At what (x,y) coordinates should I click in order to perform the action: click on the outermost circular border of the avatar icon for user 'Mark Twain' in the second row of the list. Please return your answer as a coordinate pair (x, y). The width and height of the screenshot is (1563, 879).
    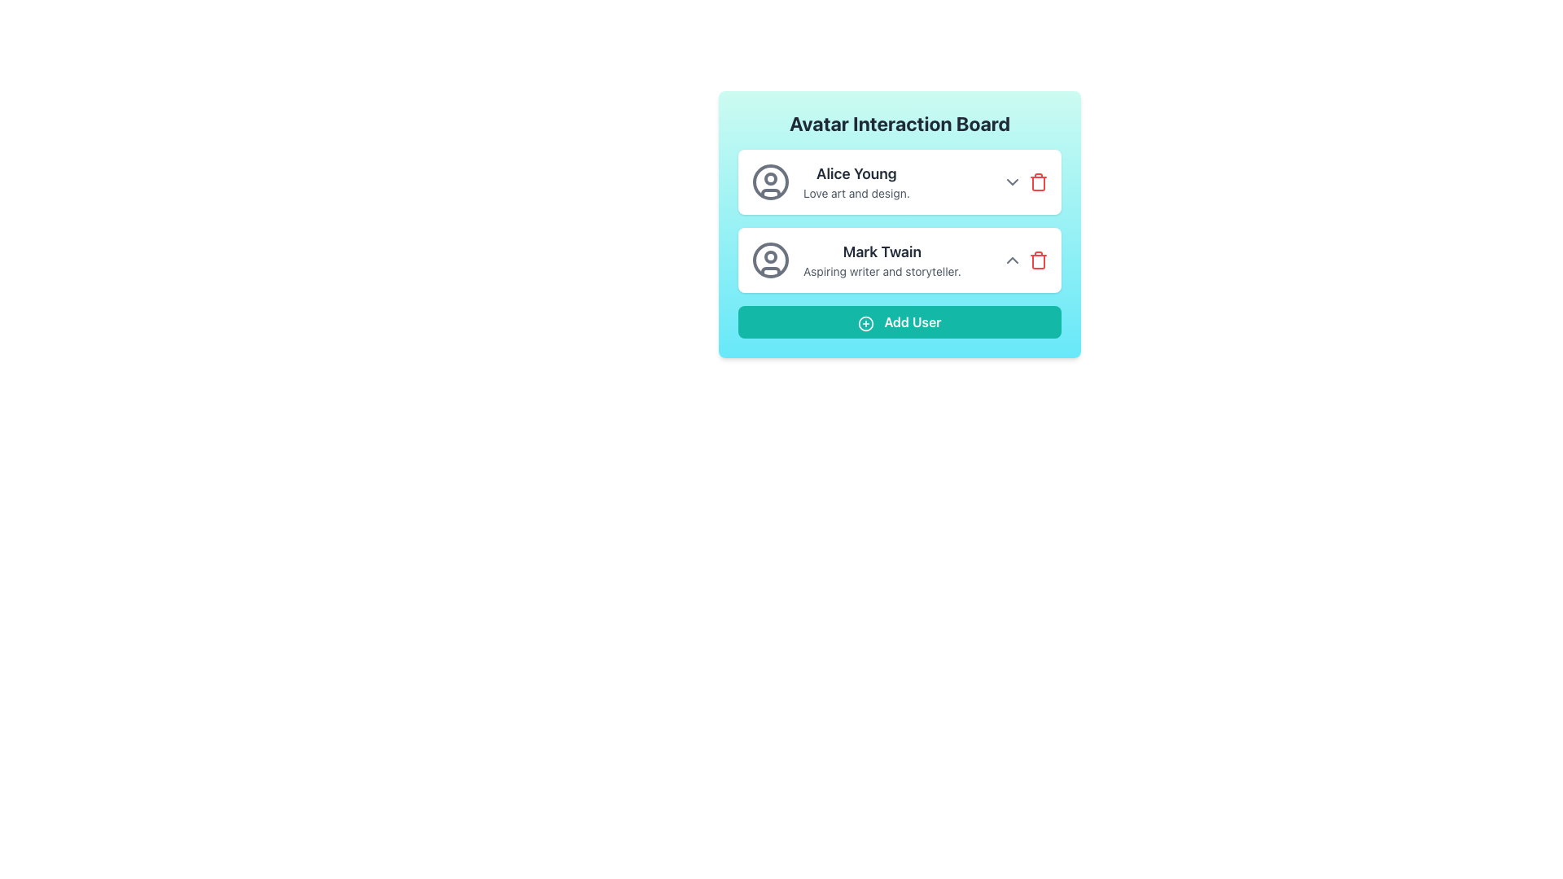
    Looking at the image, I should click on (769, 260).